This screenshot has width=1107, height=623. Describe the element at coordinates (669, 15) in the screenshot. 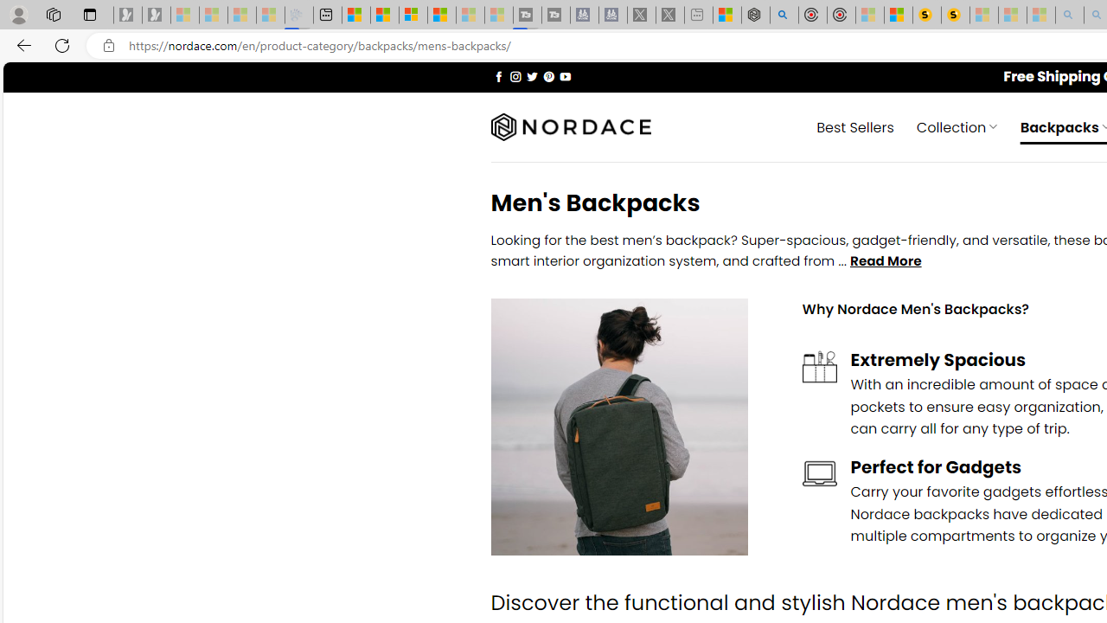

I see `'X - Sleeping'` at that location.